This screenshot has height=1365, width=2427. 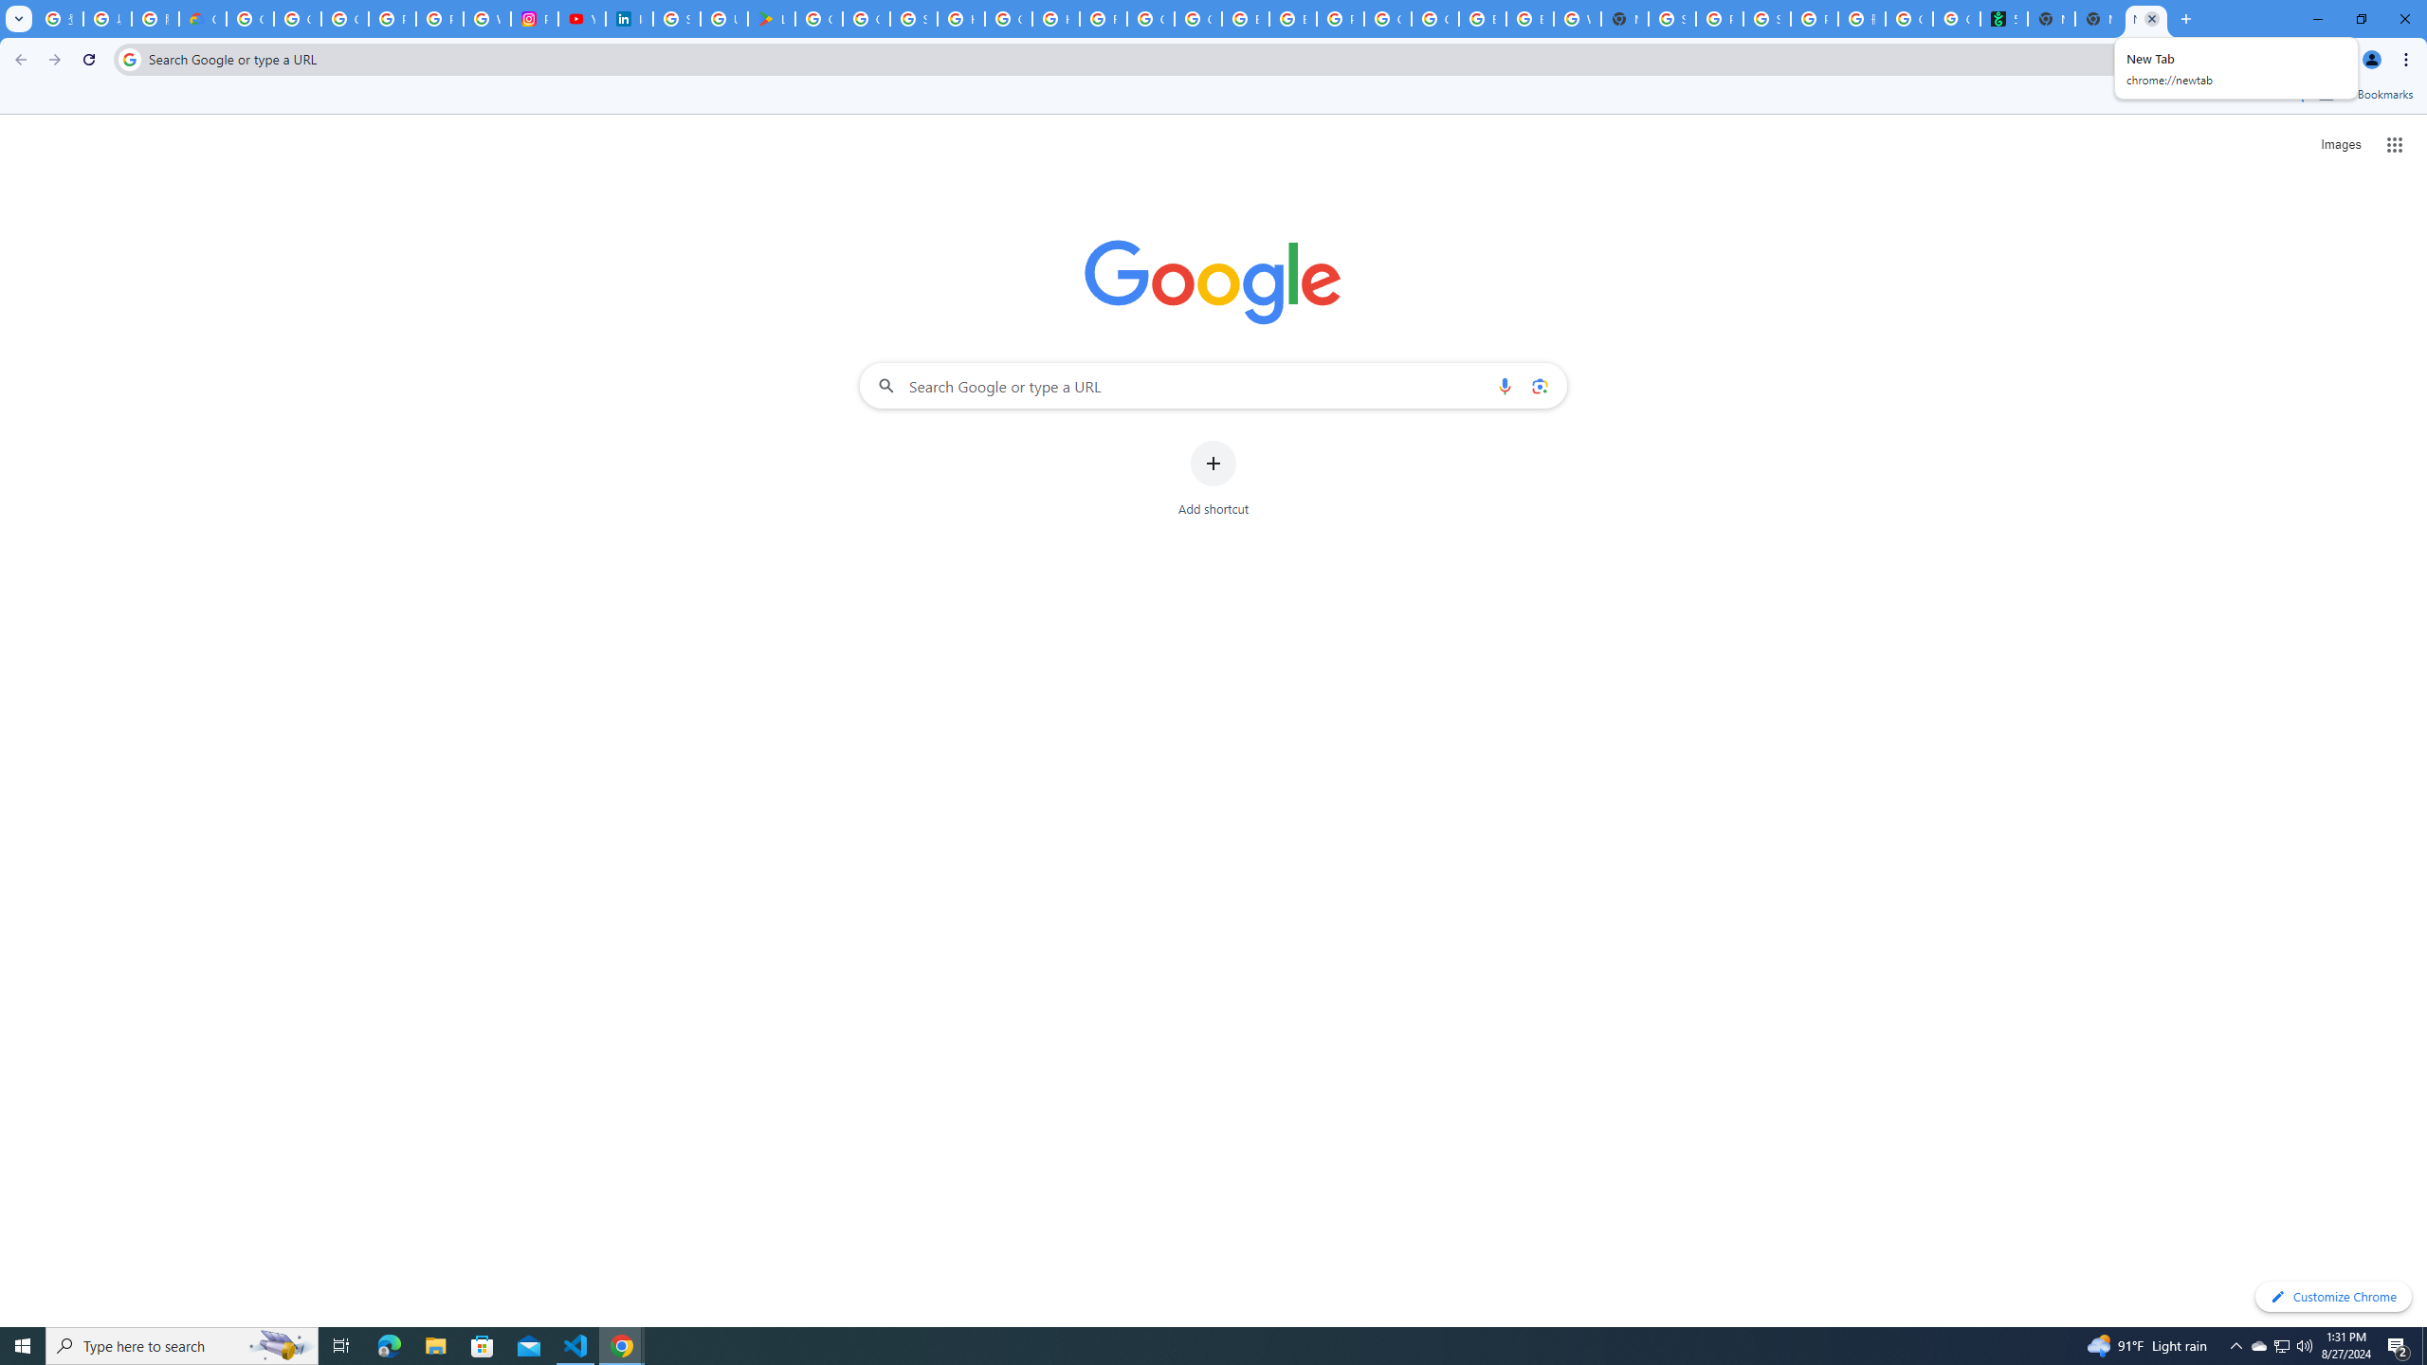 What do you see at coordinates (2361, 18) in the screenshot?
I see `'Restore'` at bounding box center [2361, 18].